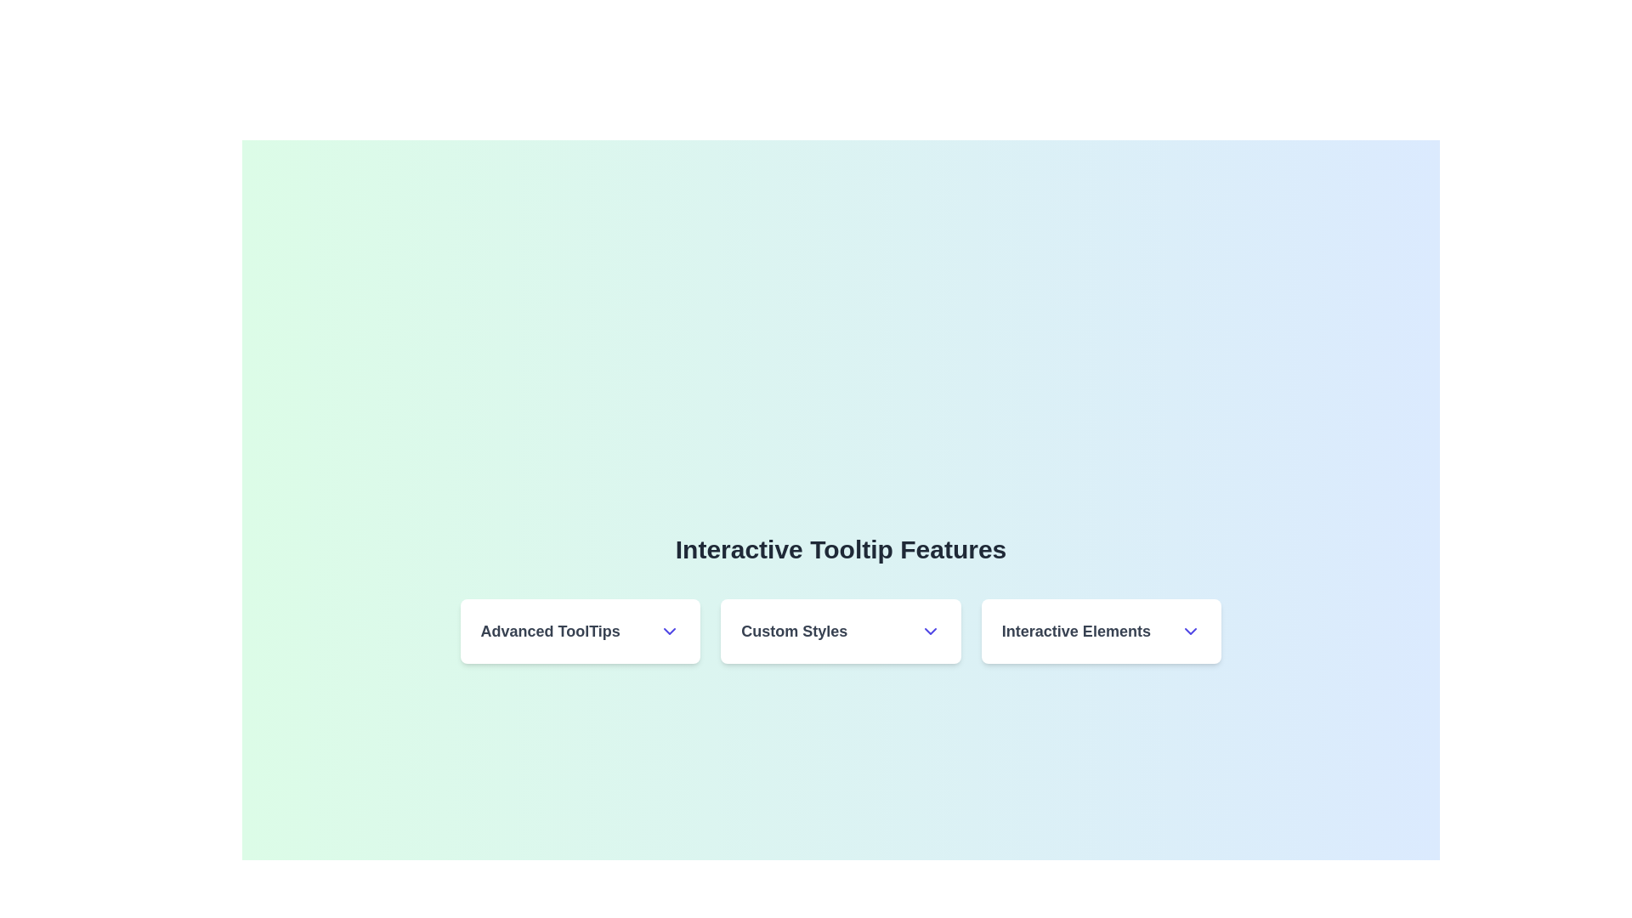  What do you see at coordinates (841, 632) in the screenshot?
I see `the 'Custom Styles' dropdown button, which is a white rectangular button with rounded corners and a blue downward-pointing arrow` at bounding box center [841, 632].